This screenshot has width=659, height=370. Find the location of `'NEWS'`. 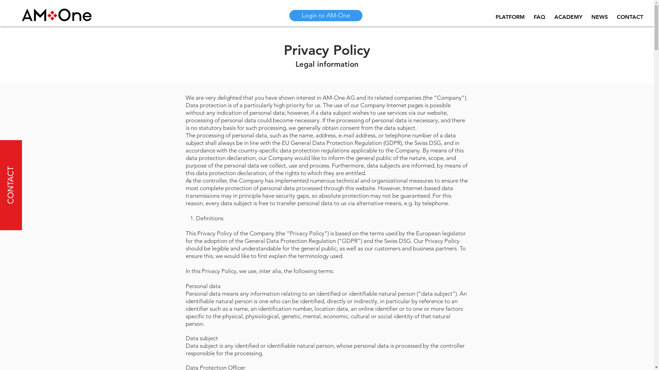

'NEWS' is located at coordinates (599, 17).